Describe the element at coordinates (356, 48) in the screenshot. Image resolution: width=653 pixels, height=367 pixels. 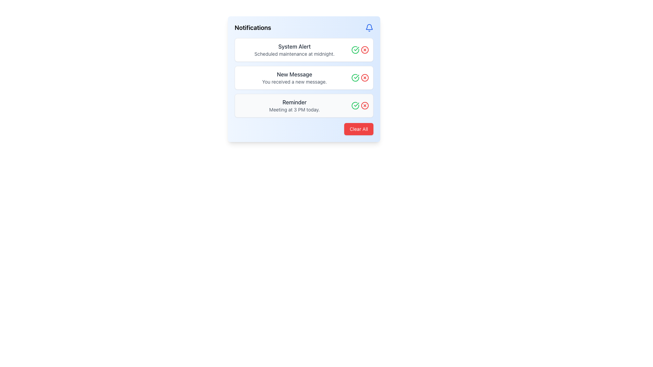
I see `the tick mark icon located in the notifications interface beside the 'New Message' notification to acknowledge it` at that location.